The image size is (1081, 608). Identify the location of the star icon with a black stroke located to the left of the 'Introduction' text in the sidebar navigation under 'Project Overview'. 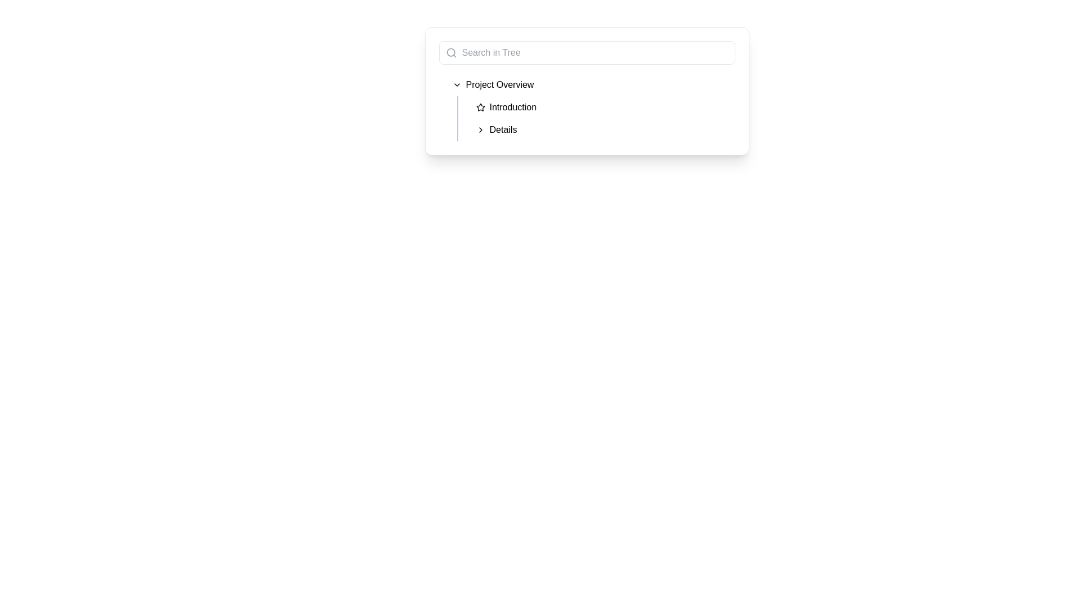
(480, 108).